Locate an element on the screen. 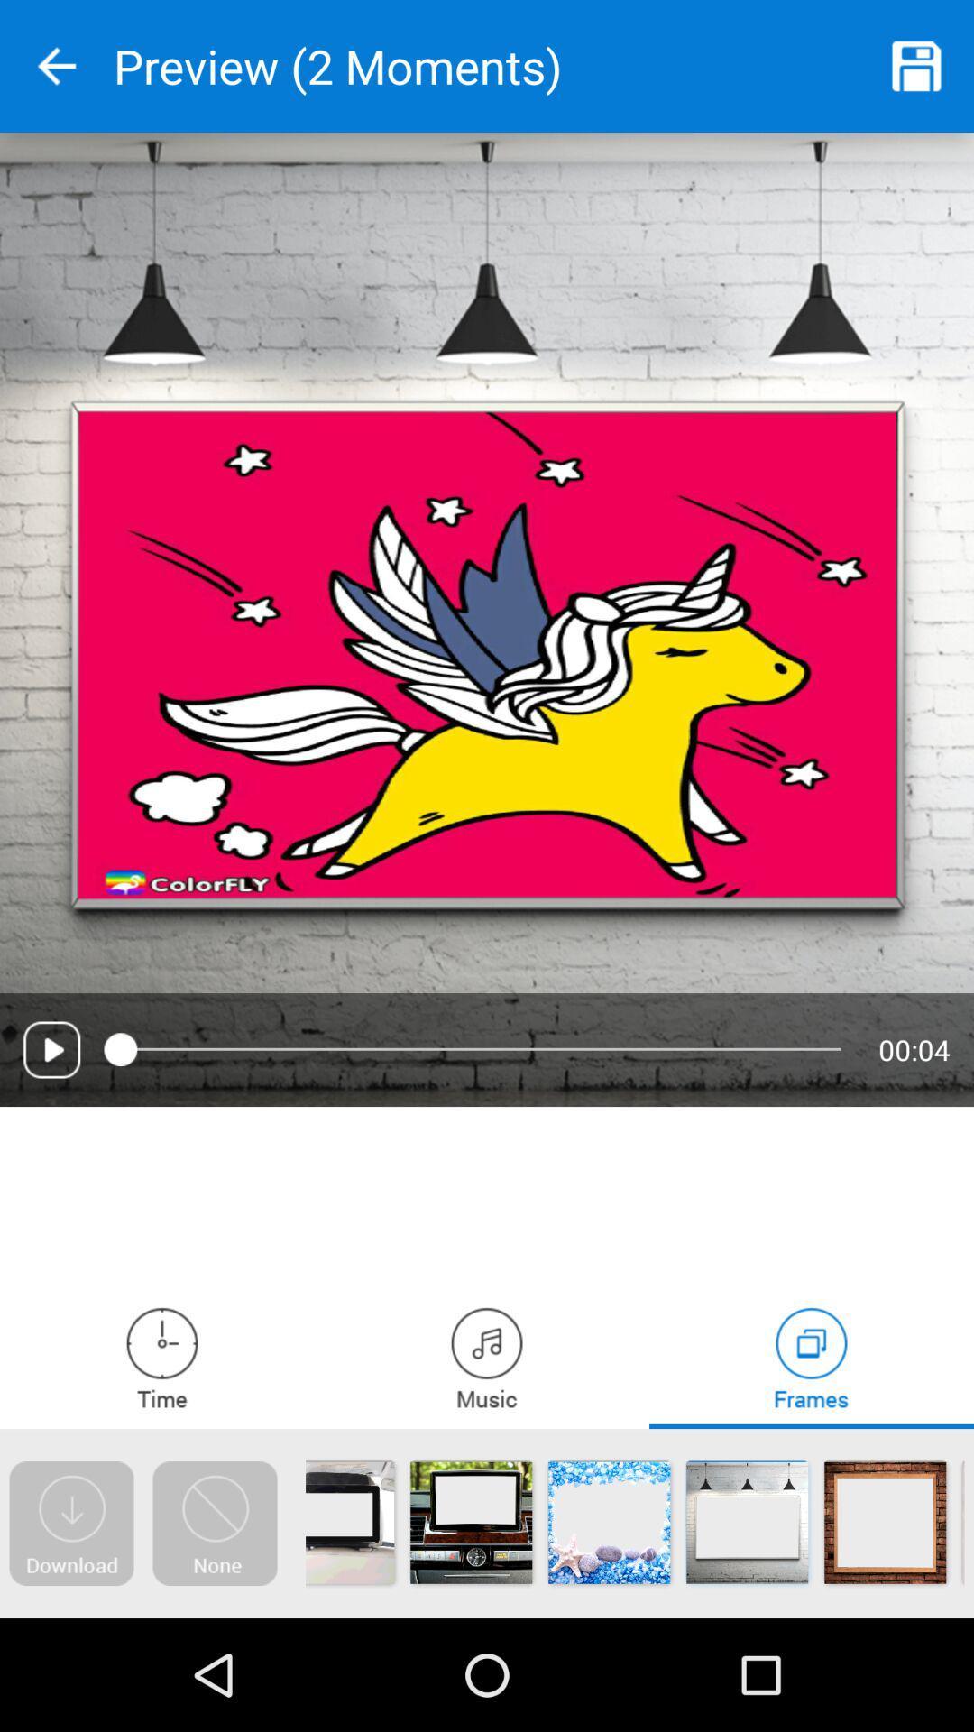 Image resolution: width=974 pixels, height=1732 pixels. the play icon is located at coordinates (51, 1049).